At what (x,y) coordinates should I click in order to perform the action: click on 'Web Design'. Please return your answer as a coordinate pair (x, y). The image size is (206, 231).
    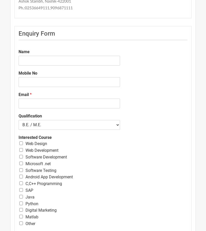
    Looking at the image, I should click on (36, 143).